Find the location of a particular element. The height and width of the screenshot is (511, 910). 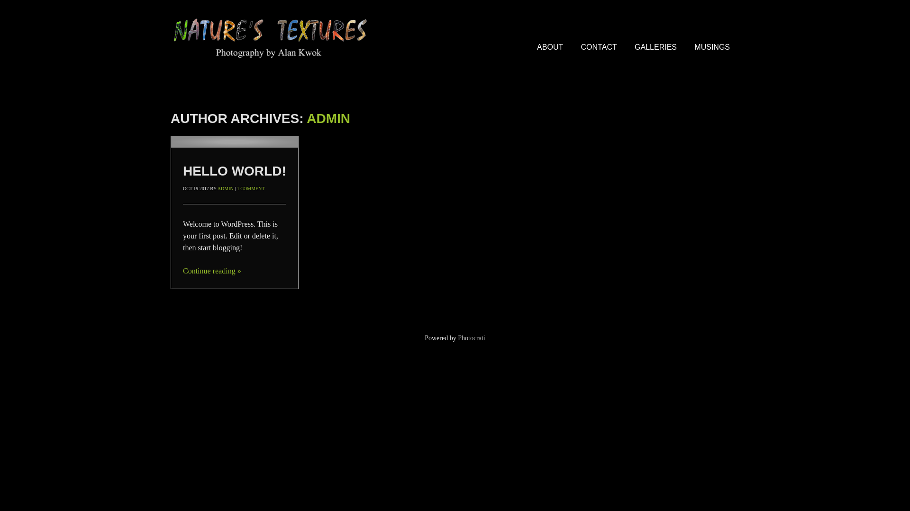

'ABOUT' is located at coordinates (550, 47).